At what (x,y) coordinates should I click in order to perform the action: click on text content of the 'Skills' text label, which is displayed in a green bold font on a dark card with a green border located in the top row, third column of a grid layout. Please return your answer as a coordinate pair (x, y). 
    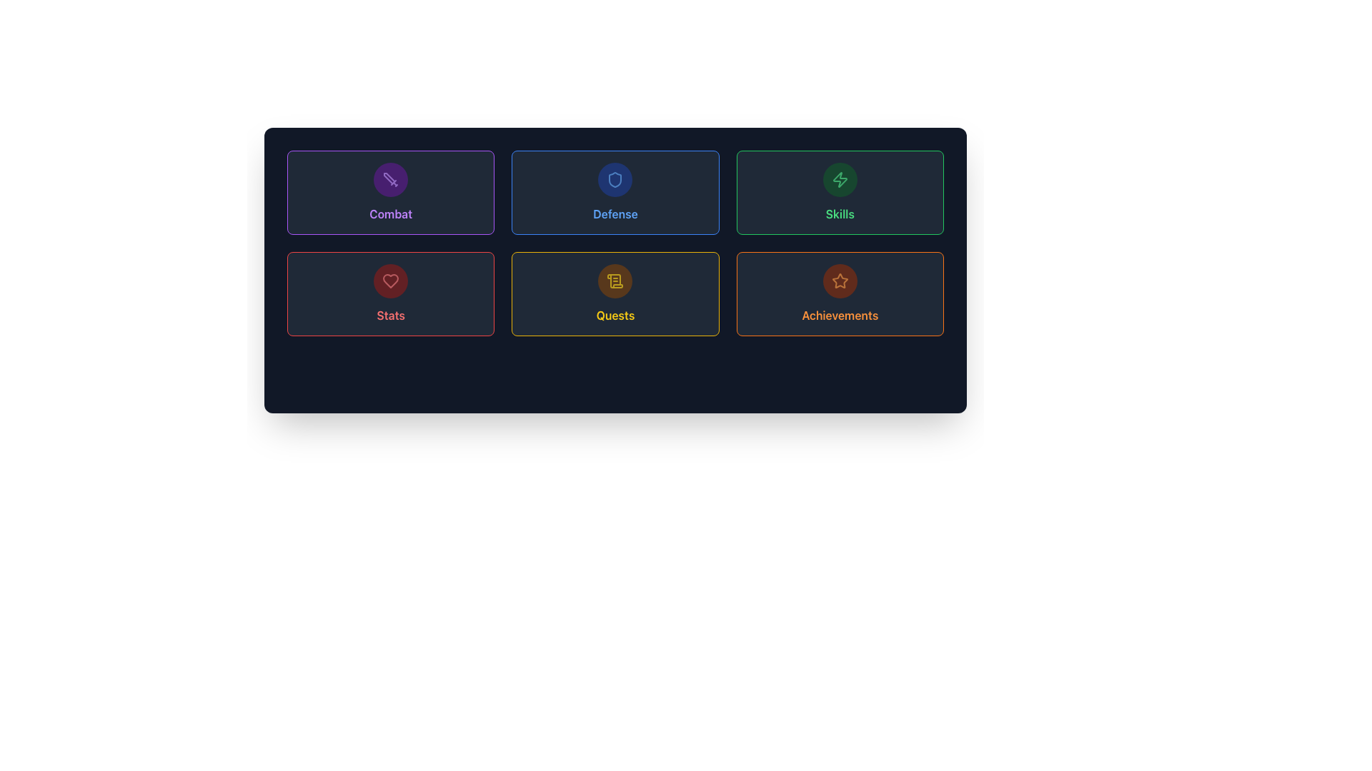
    Looking at the image, I should click on (840, 214).